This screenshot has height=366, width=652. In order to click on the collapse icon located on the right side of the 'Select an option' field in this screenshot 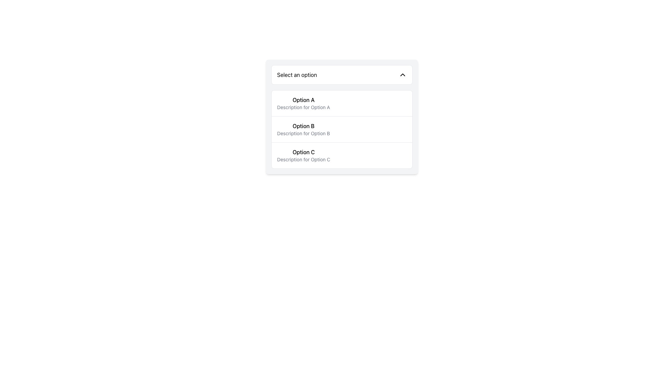, I will do `click(402, 75)`.